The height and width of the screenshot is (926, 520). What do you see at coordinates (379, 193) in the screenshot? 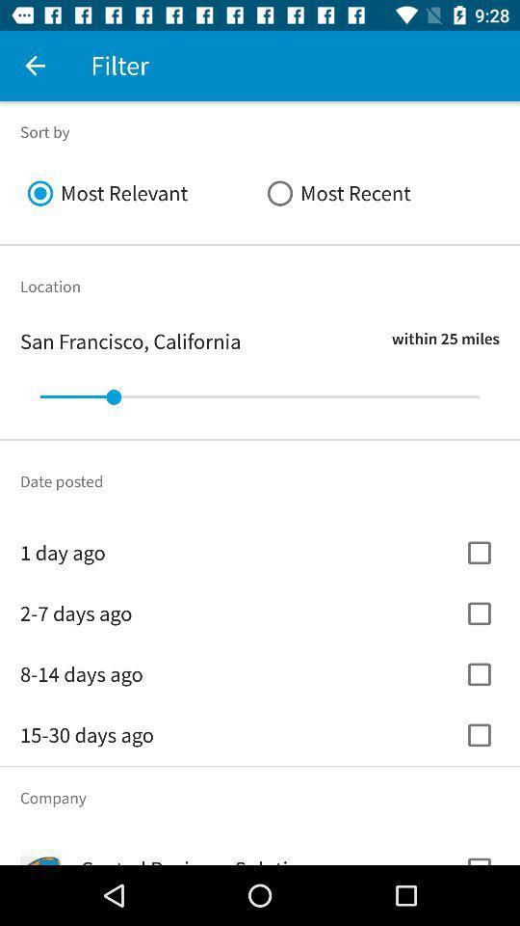
I see `item next to the most relevant` at bounding box center [379, 193].